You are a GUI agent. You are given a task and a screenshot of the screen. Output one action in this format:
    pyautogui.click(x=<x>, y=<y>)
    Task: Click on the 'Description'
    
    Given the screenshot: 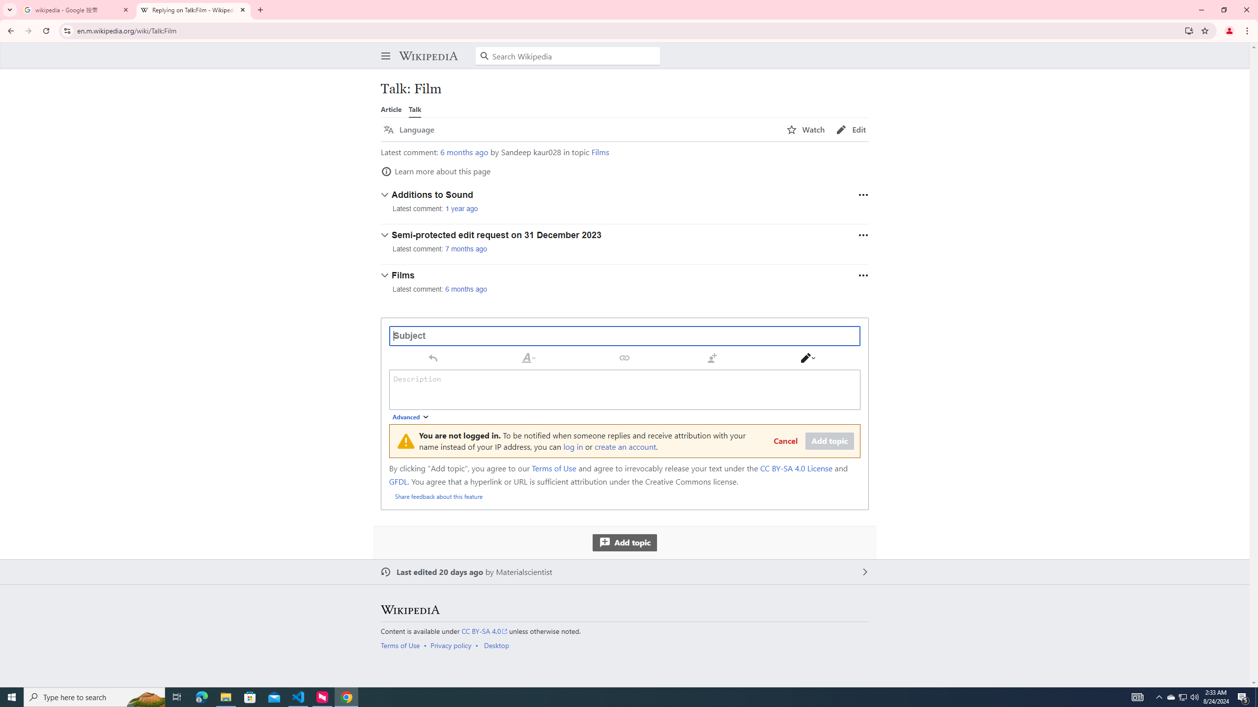 What is the action you would take?
    pyautogui.click(x=625, y=389)
    